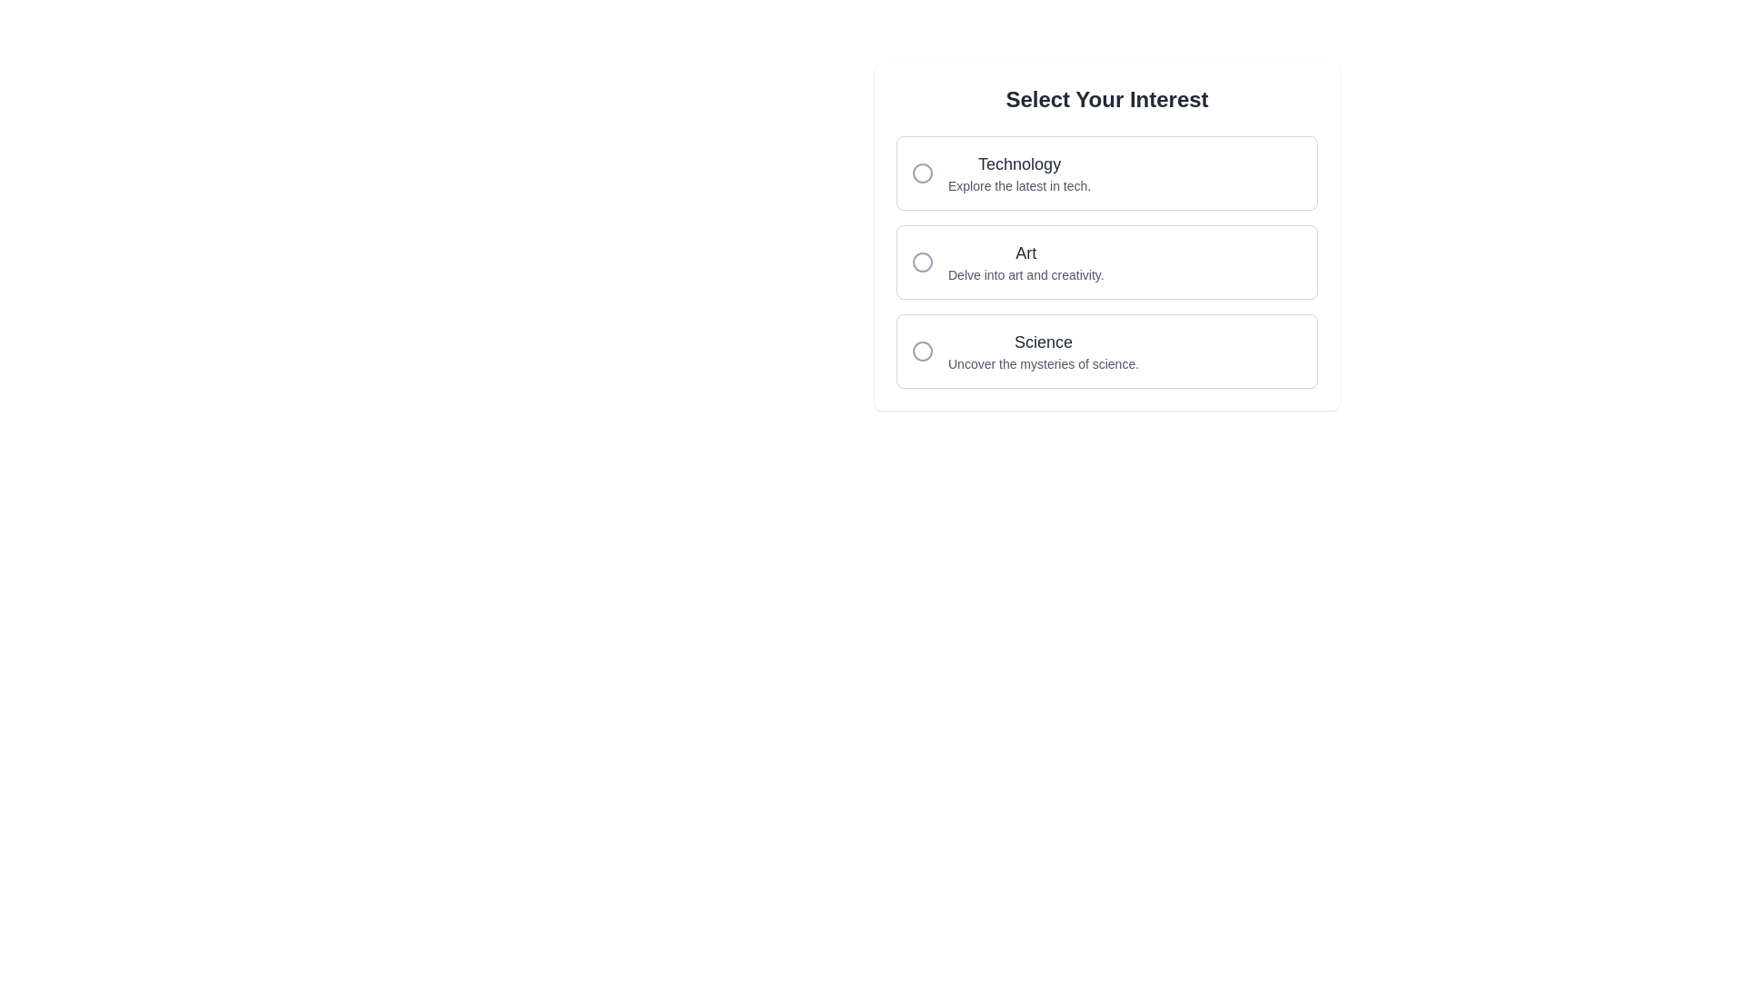 The width and height of the screenshot is (1744, 981). What do you see at coordinates (1106, 236) in the screenshot?
I see `the 'Select Your Interest' section containing the buttons for 'Technology', 'Art', and 'Science'` at bounding box center [1106, 236].